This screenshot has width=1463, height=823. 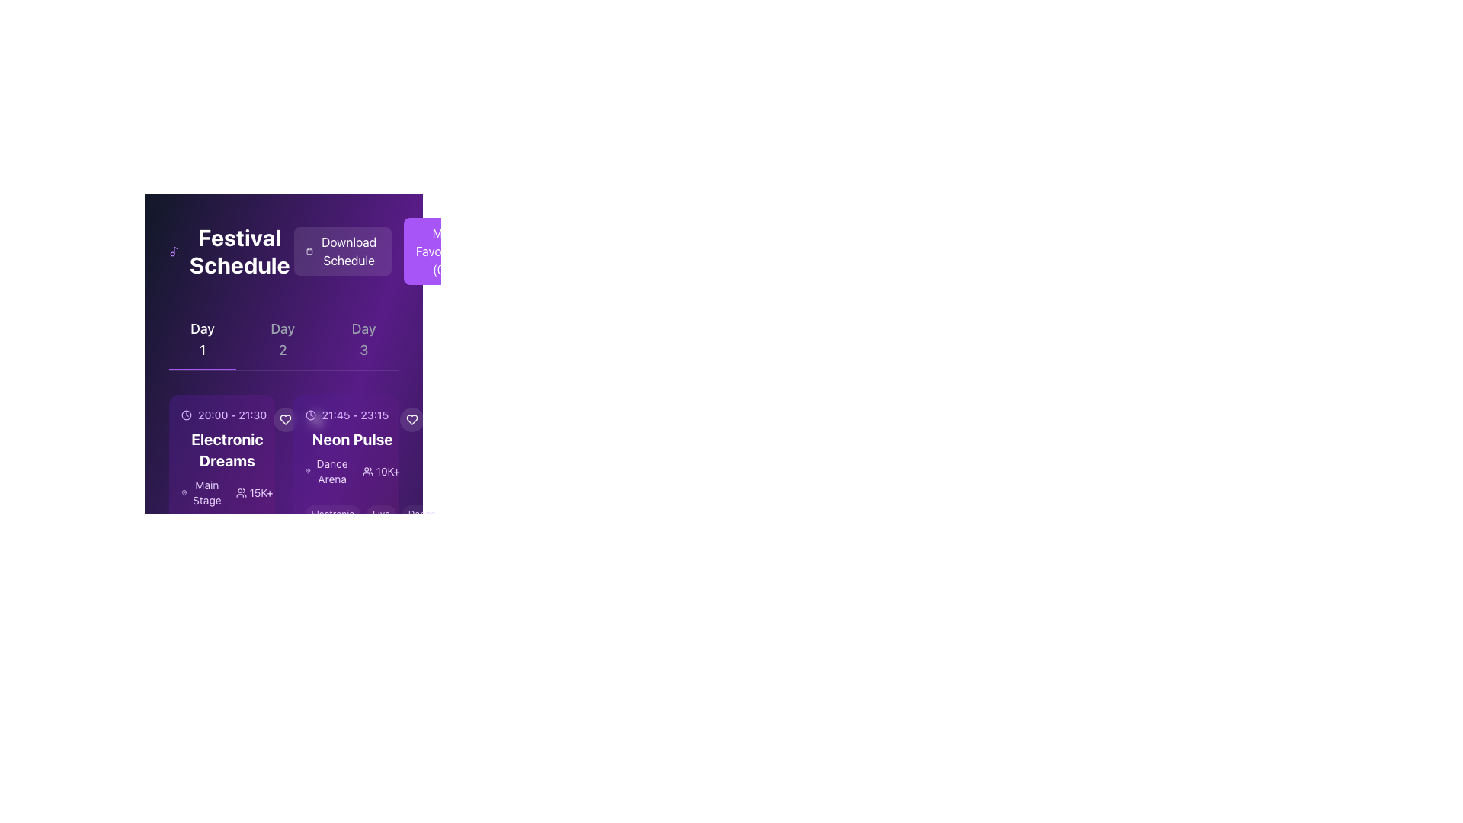 What do you see at coordinates (255, 493) in the screenshot?
I see `icon with text pair that displays the number of attendees for the 'Electronic Dreams' event, located next to the 'Main Stage' text` at bounding box center [255, 493].